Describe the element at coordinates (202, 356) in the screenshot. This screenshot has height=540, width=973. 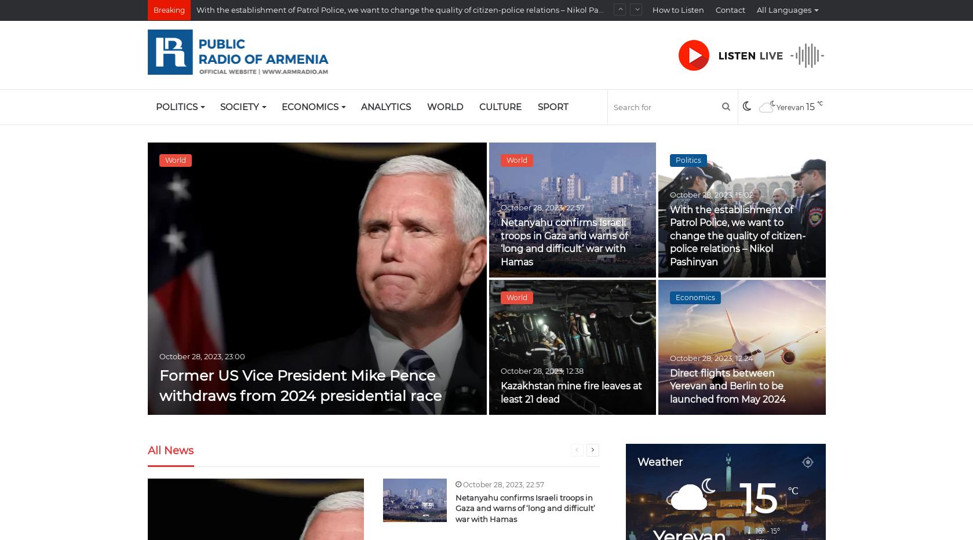
I see `'October 28, 2023, 23:00'` at that location.